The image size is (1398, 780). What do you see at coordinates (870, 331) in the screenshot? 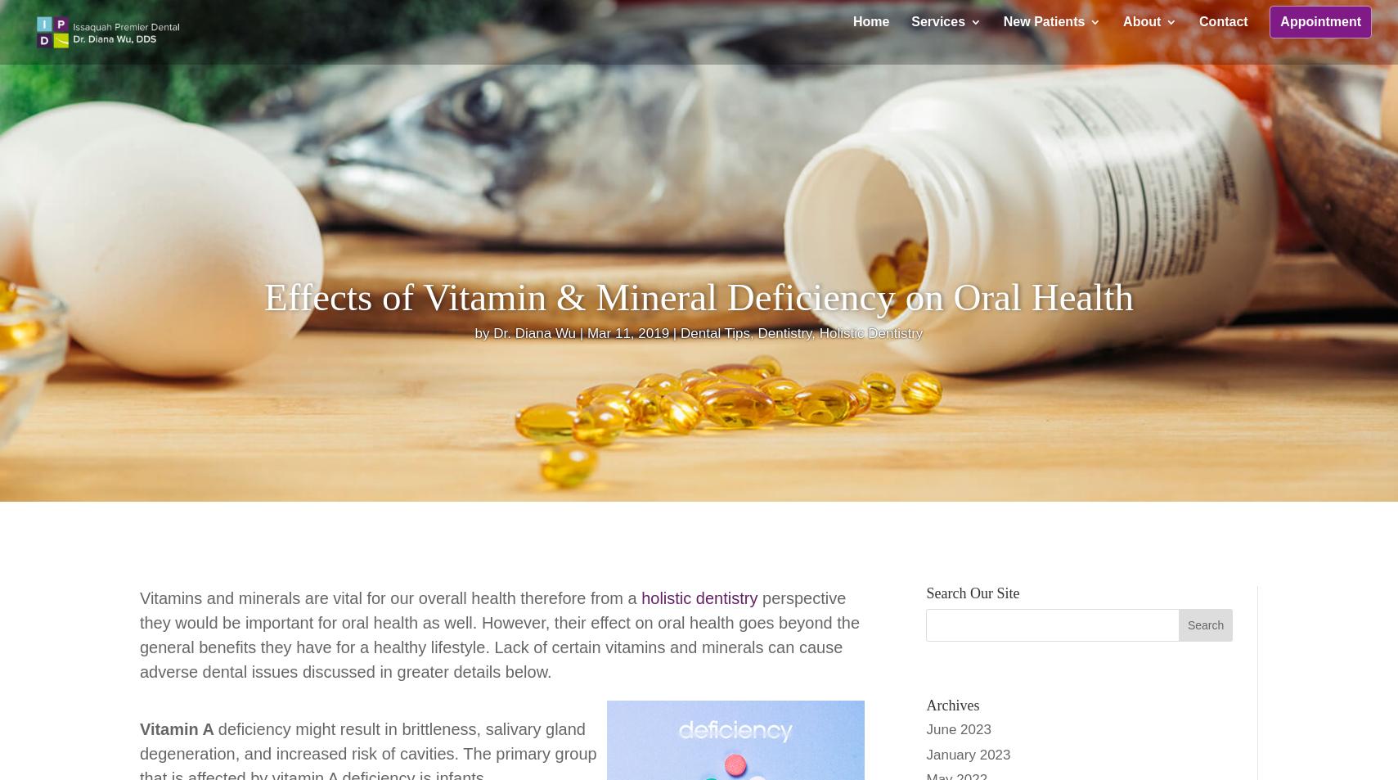
I see `'Holistic Dentistry'` at bounding box center [870, 331].